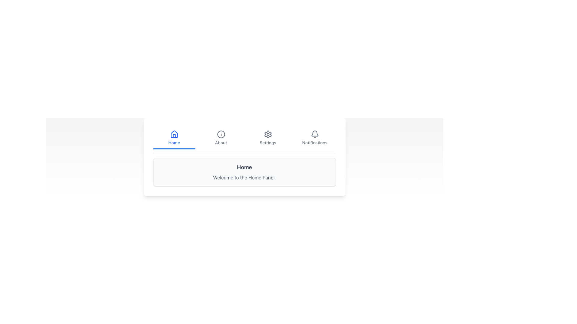 This screenshot has height=324, width=577. Describe the element at coordinates (267, 134) in the screenshot. I see `the 'Settings' icon in the navigation bar at the bottom of the interface` at that location.